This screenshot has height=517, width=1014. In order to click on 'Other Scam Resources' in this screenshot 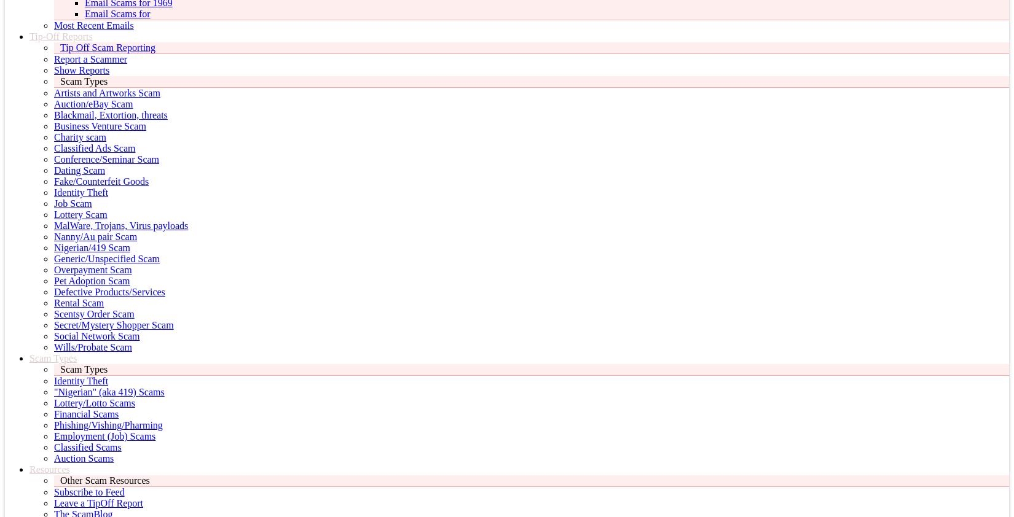, I will do `click(60, 480)`.